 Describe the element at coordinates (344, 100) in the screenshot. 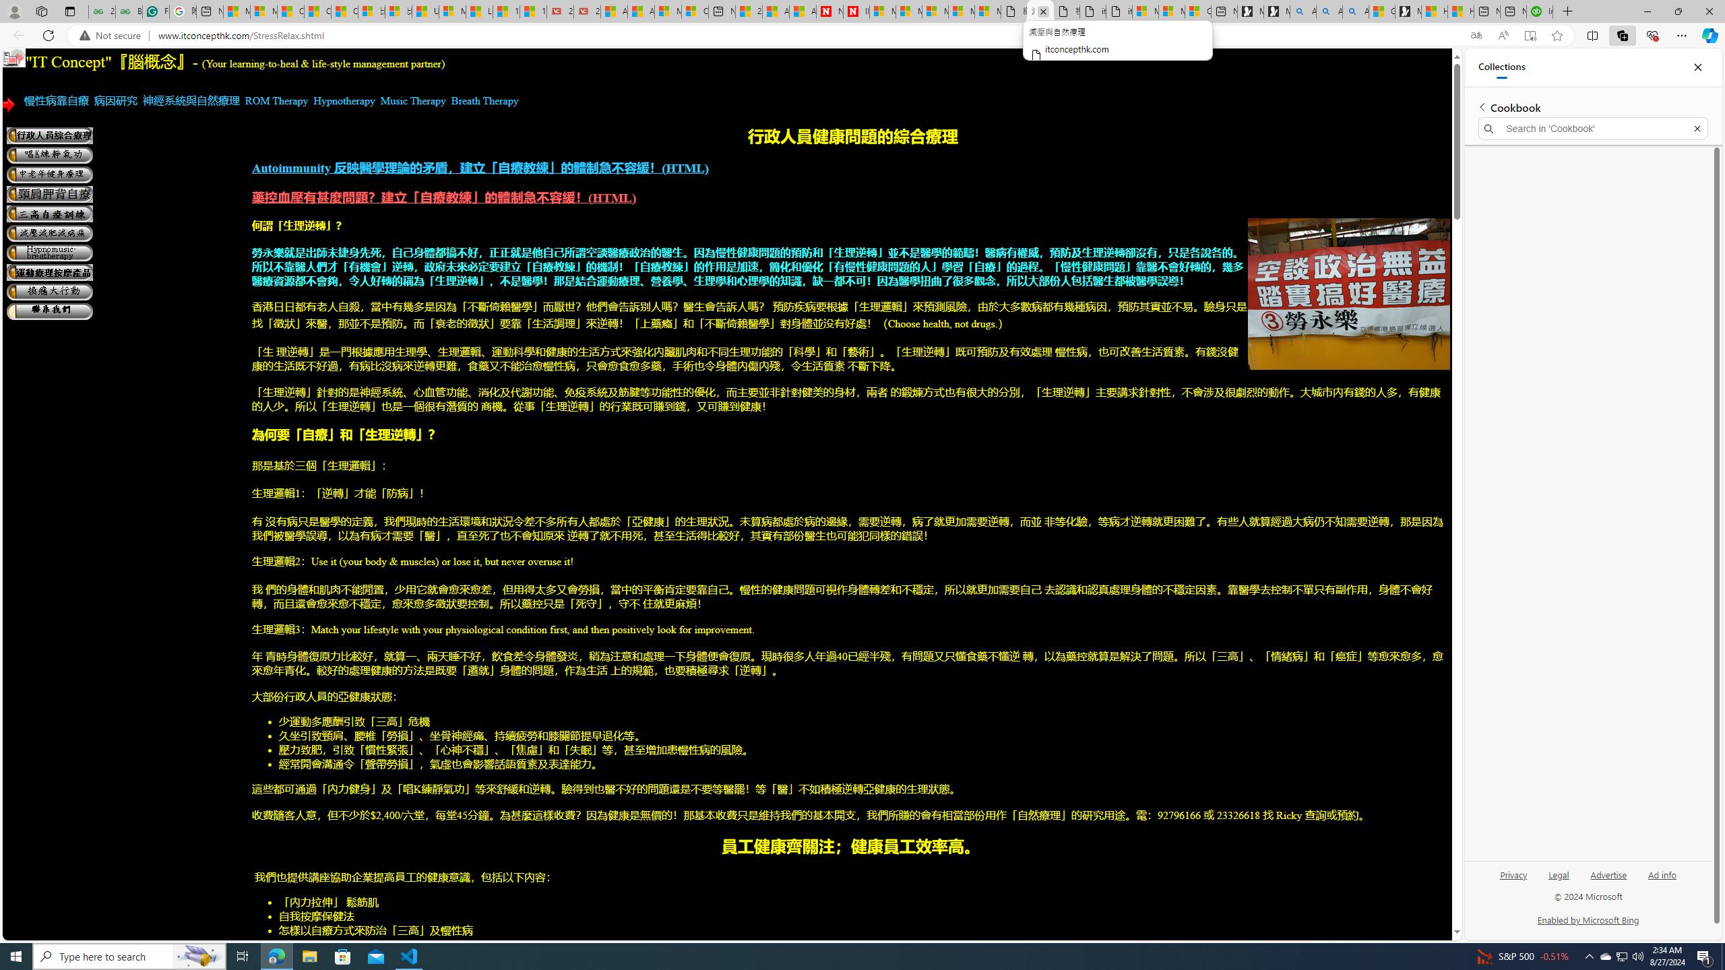

I see `'Hypnotherapy'` at that location.